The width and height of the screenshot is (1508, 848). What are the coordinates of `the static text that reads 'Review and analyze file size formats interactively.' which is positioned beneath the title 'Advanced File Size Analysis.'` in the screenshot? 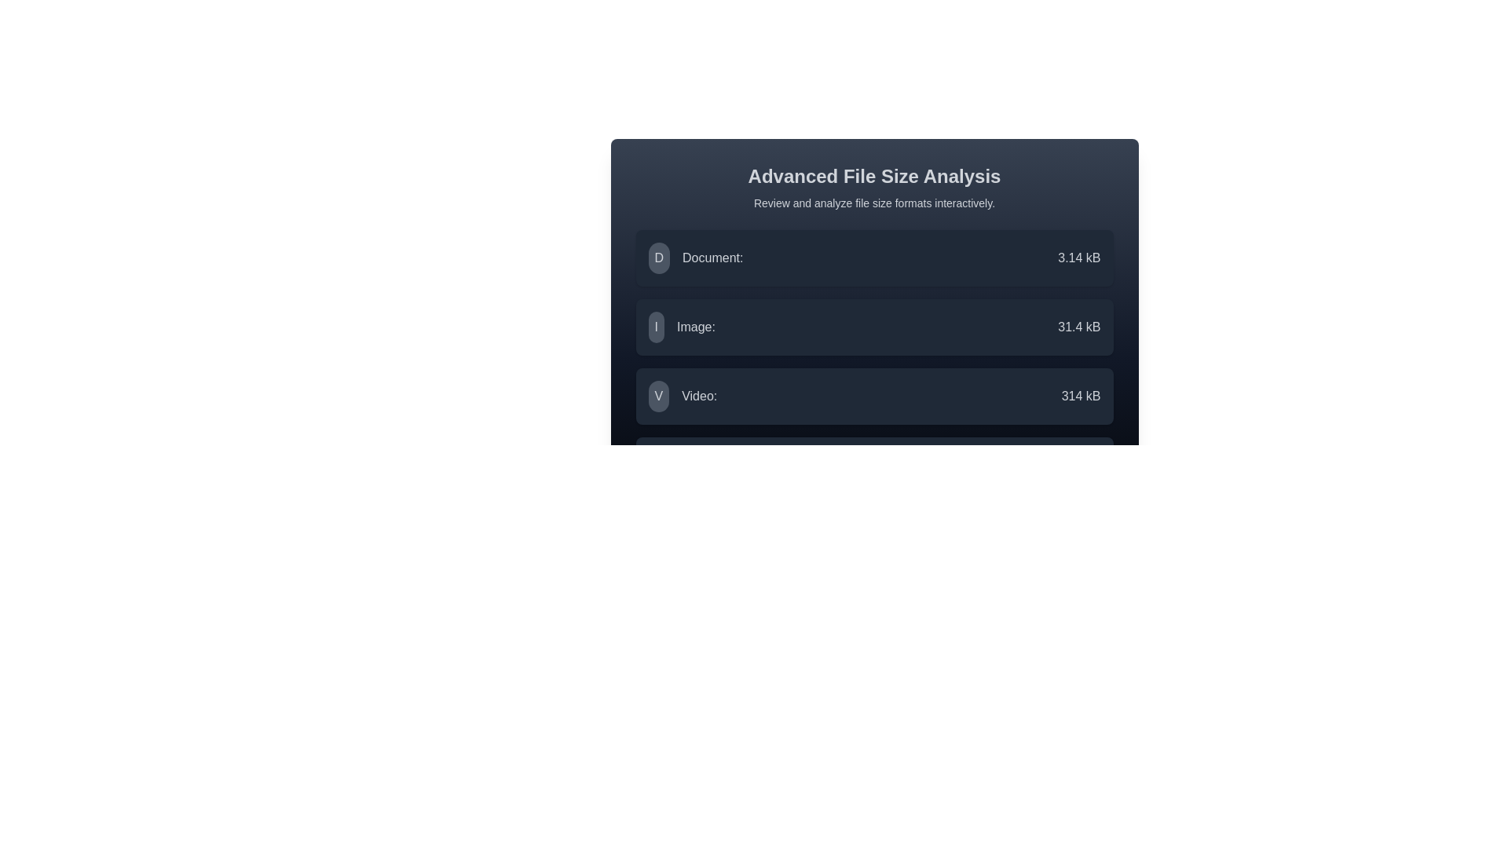 It's located at (873, 202).